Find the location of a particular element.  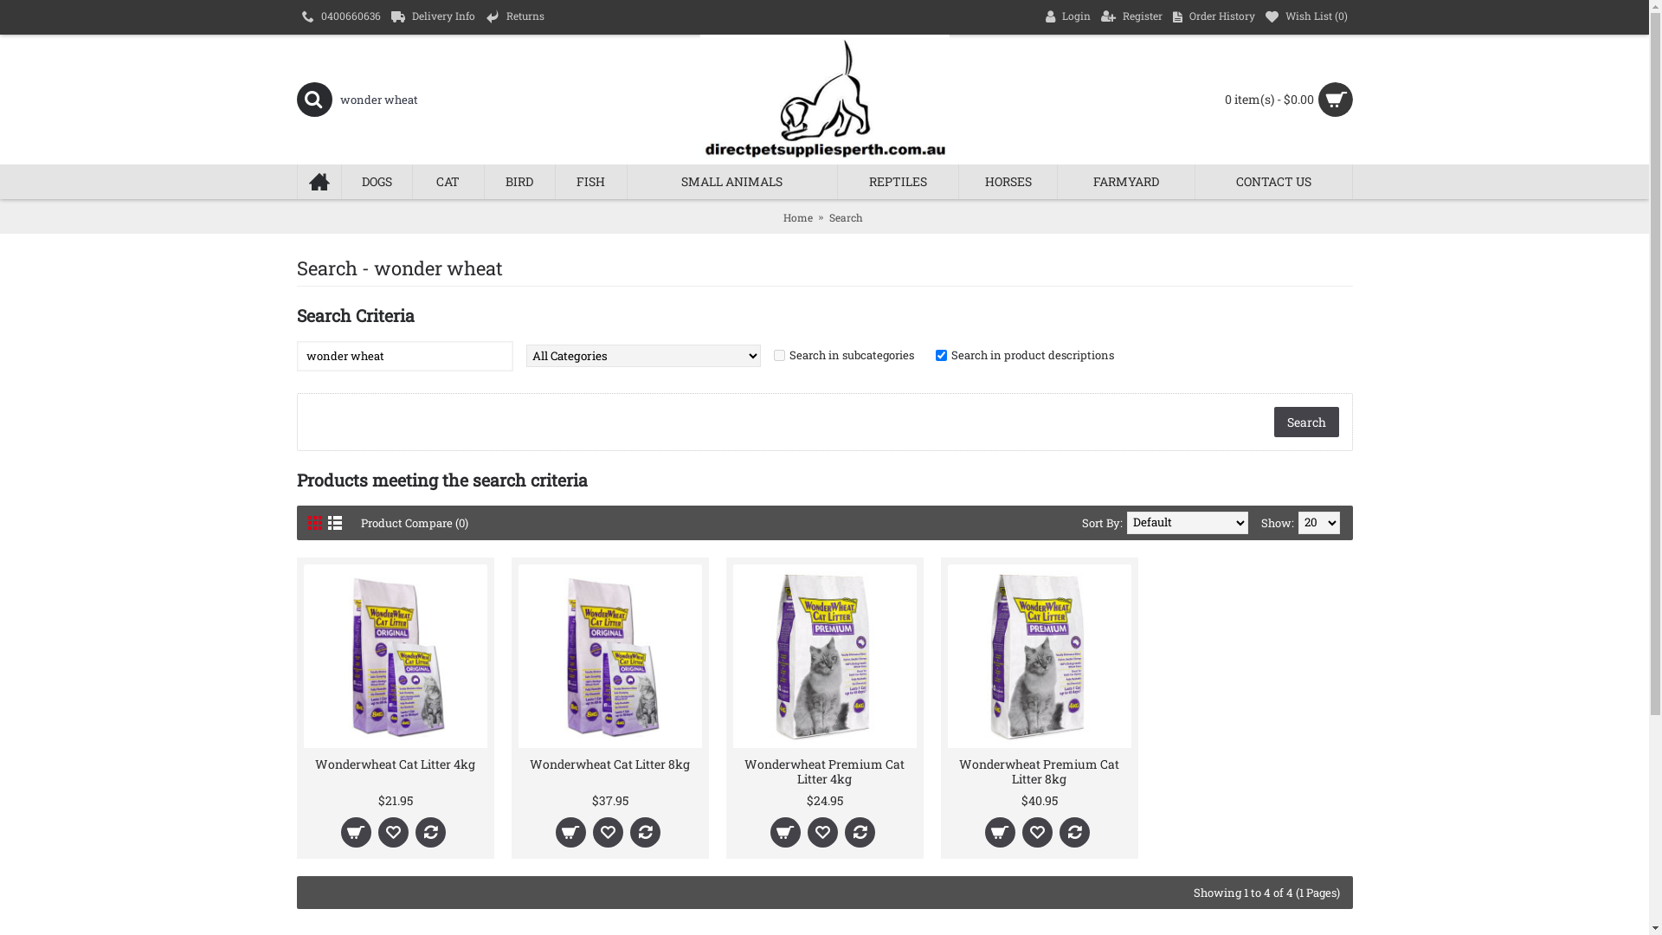

'Wonderwheat Cat Litter 8kg' is located at coordinates (609, 761).